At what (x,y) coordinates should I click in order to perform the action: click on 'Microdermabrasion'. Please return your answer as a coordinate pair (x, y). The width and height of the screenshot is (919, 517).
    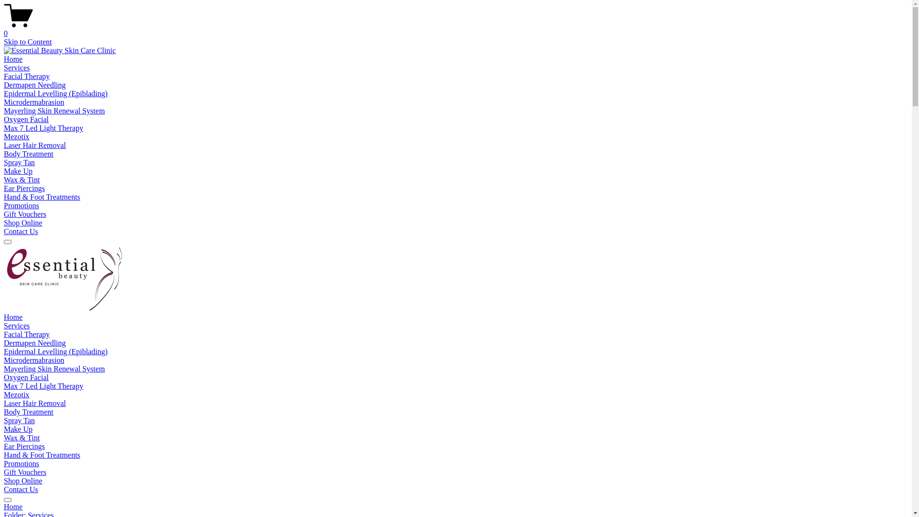
    Looking at the image, I should click on (4, 102).